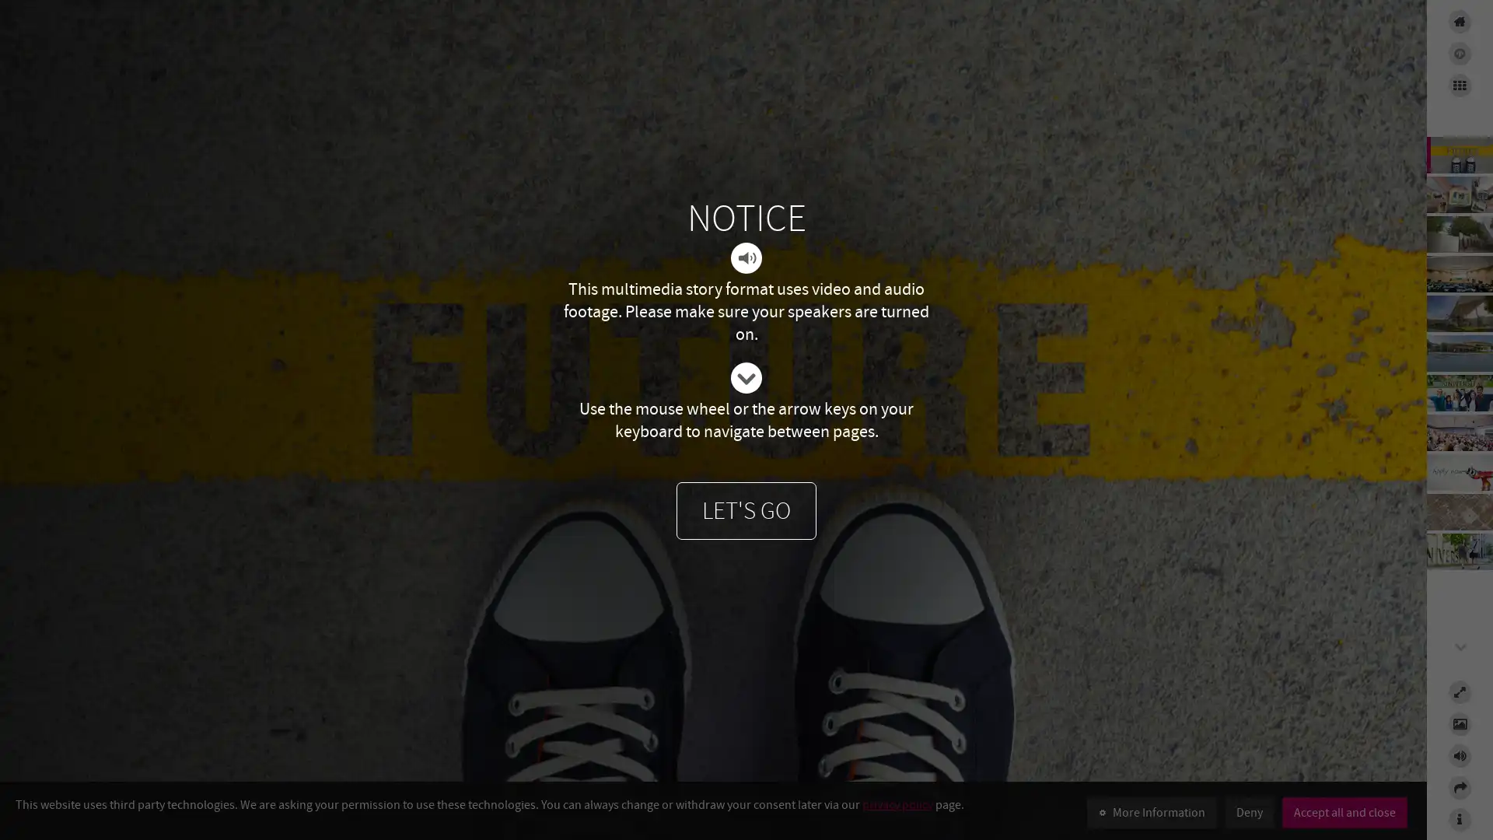  Describe the element at coordinates (1250, 812) in the screenshot. I see `Deny` at that location.